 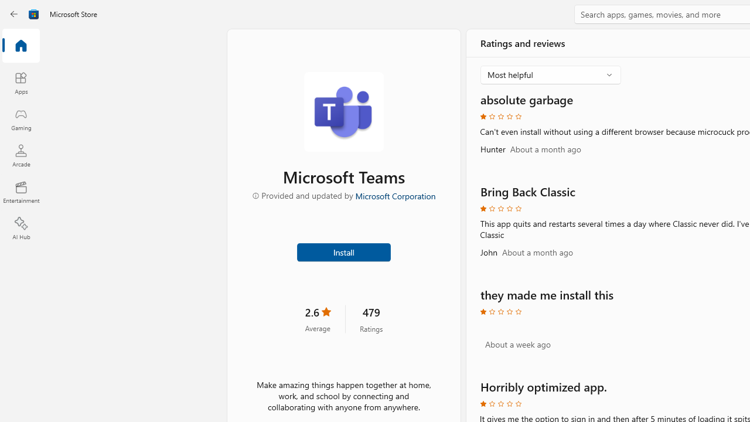 What do you see at coordinates (34, 14) in the screenshot?
I see `'Class: Image'` at bounding box center [34, 14].